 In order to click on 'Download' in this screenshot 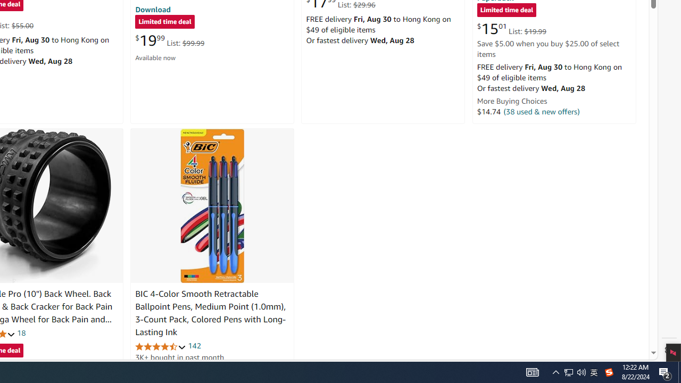, I will do `click(152, 9)`.